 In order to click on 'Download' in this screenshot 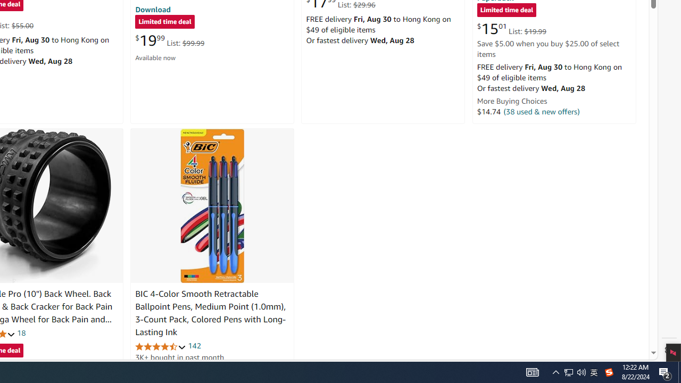, I will do `click(152, 9)`.